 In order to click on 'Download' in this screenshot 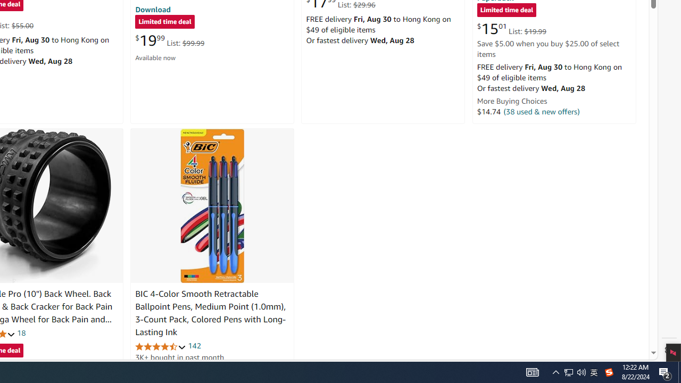, I will do `click(152, 9)`.